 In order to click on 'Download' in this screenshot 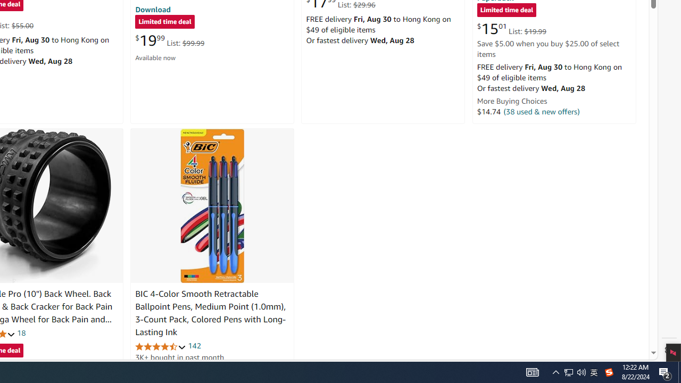, I will do `click(152, 9)`.